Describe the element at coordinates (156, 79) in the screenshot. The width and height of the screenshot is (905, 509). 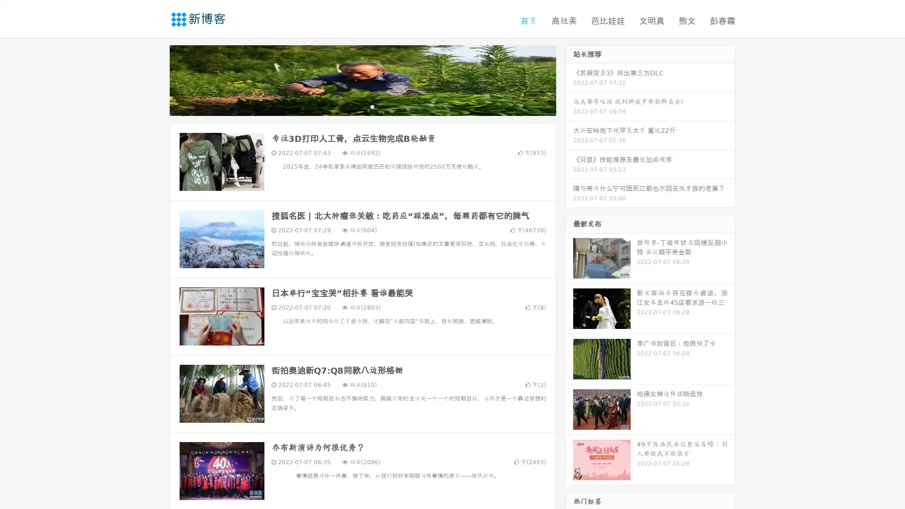
I see `Previous slide` at that location.